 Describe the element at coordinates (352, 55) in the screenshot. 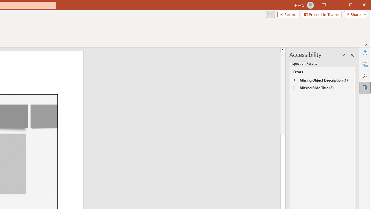

I see `'Close pane'` at that location.